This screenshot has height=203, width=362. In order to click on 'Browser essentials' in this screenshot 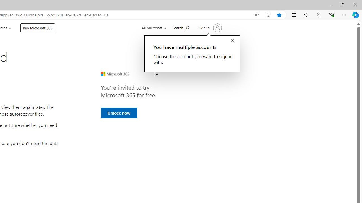, I will do `click(331, 14)`.